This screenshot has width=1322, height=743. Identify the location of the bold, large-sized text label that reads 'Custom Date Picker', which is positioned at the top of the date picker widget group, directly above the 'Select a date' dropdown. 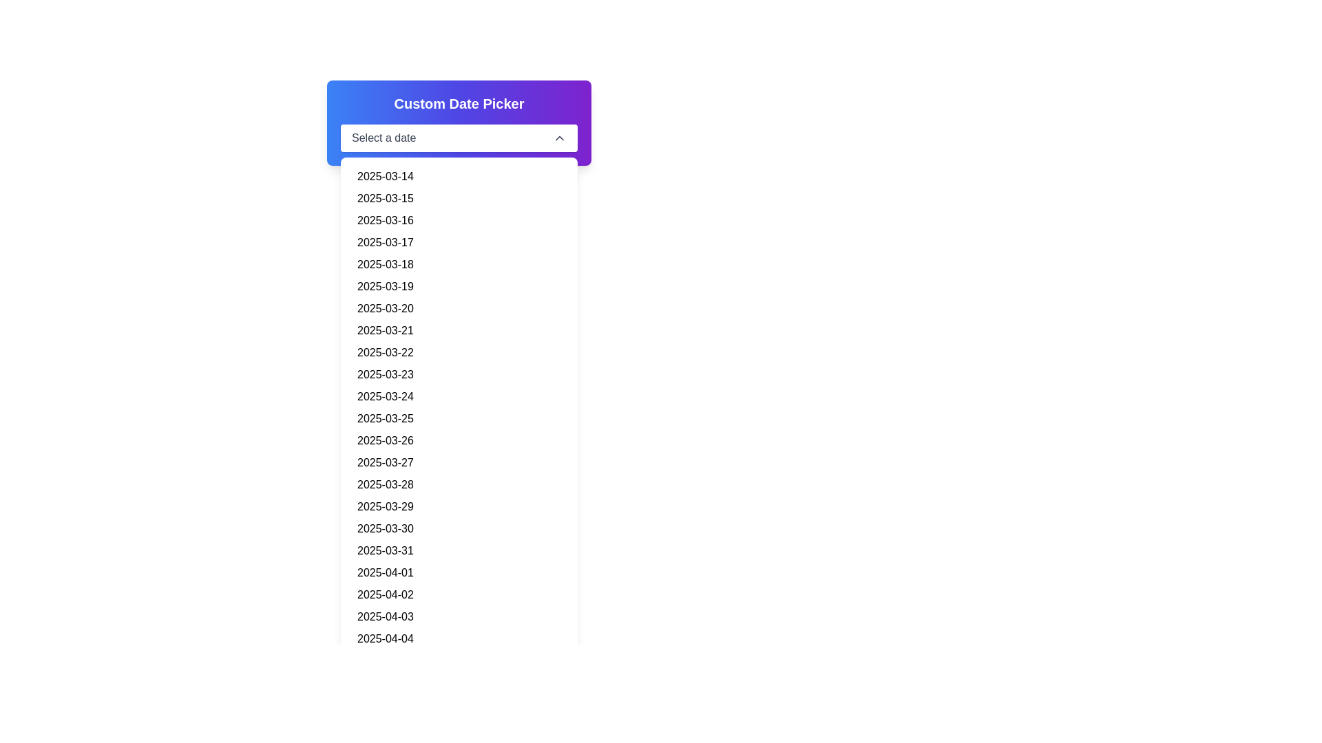
(459, 103).